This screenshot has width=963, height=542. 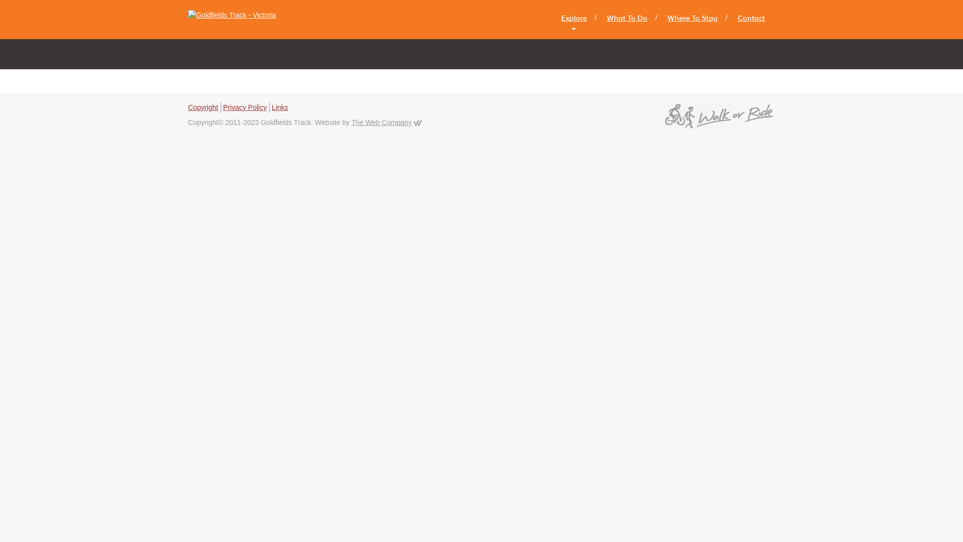 I want to click on 'Where To Stay', so click(x=692, y=18).